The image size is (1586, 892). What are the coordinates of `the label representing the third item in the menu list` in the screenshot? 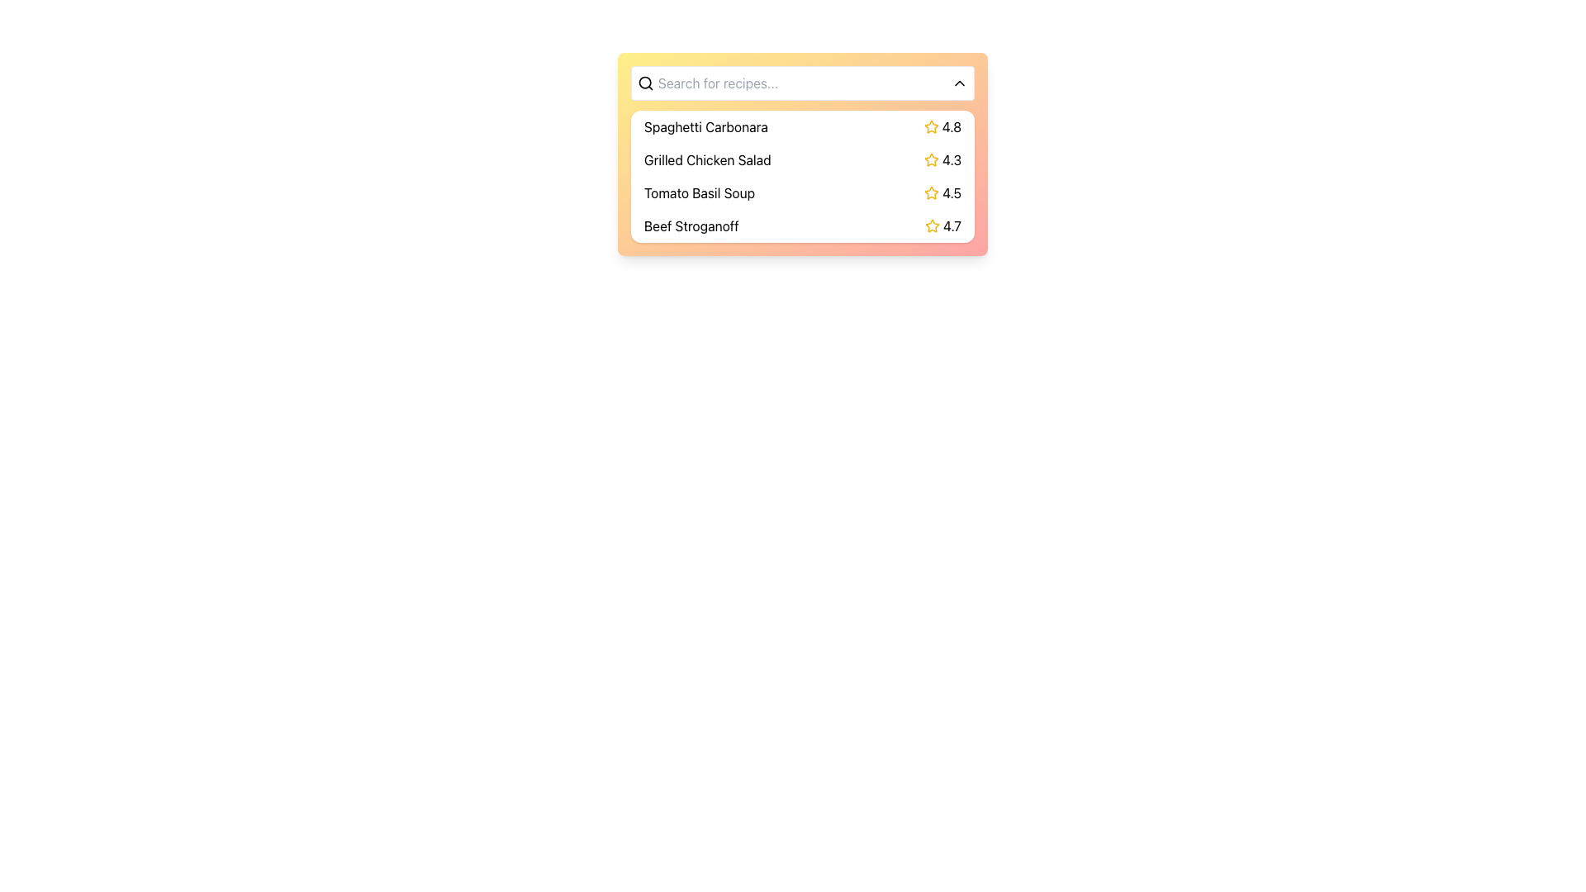 It's located at (700, 192).